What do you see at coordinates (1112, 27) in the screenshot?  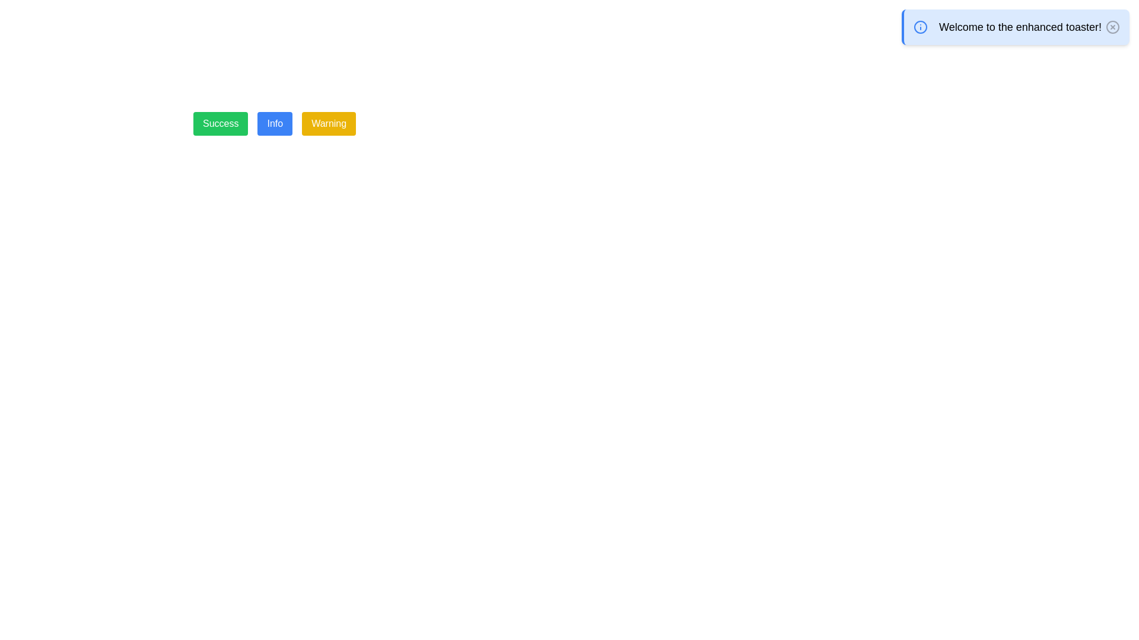 I see `the close button on the right side of the notification box` at bounding box center [1112, 27].